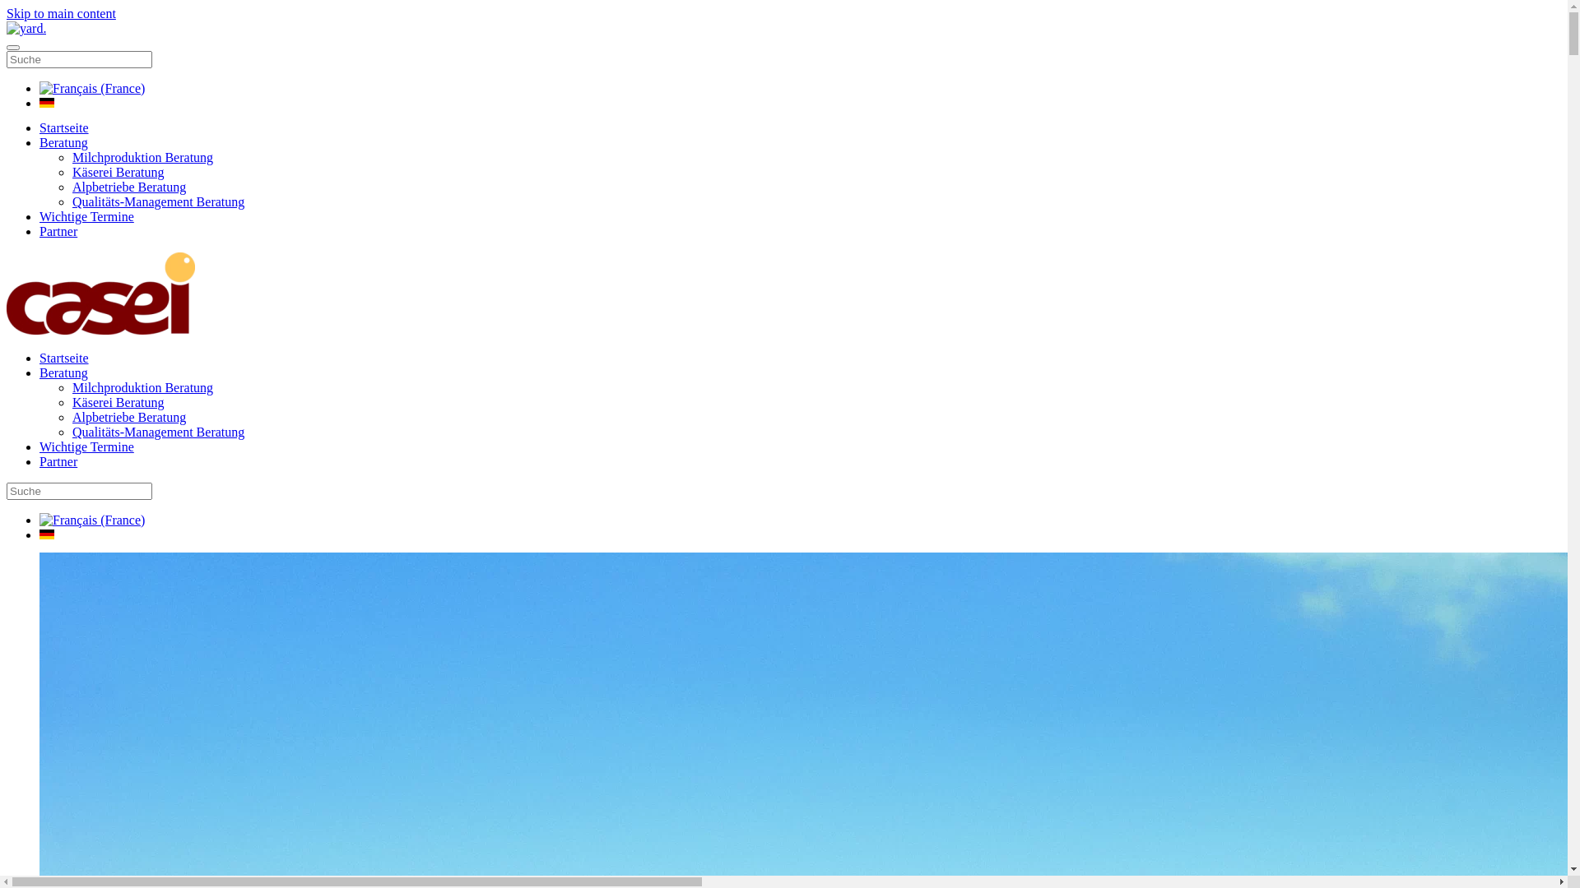 This screenshot has height=888, width=1580. What do you see at coordinates (47, 102) in the screenshot?
I see `'Deutsch (Deutschland)'` at bounding box center [47, 102].